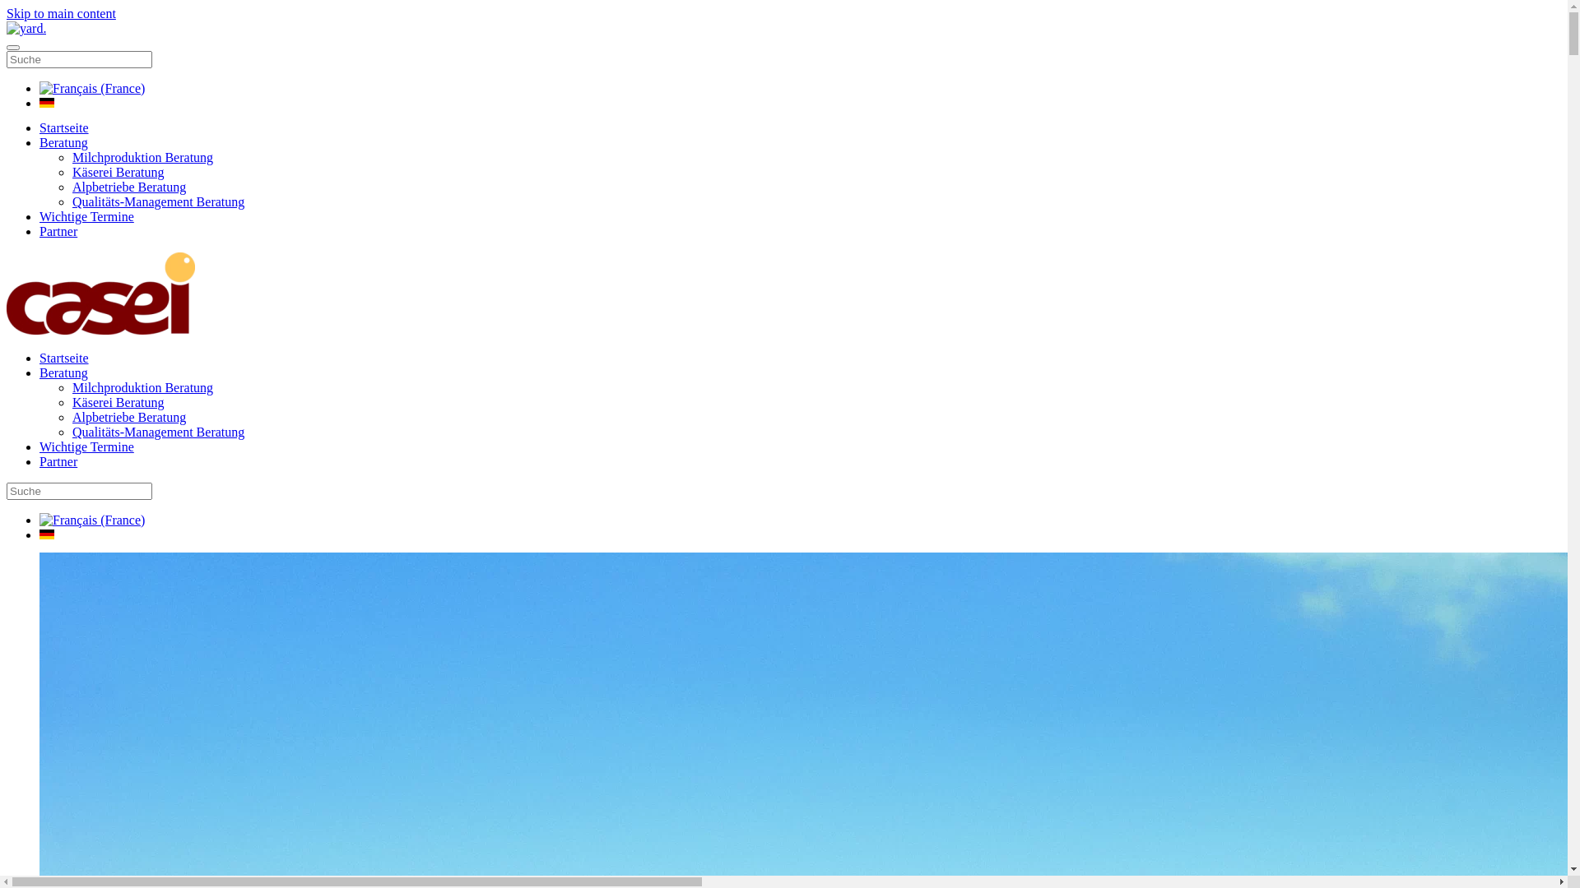 This screenshot has height=888, width=1580. What do you see at coordinates (47, 102) in the screenshot?
I see `'Deutsch (Deutschland)'` at bounding box center [47, 102].